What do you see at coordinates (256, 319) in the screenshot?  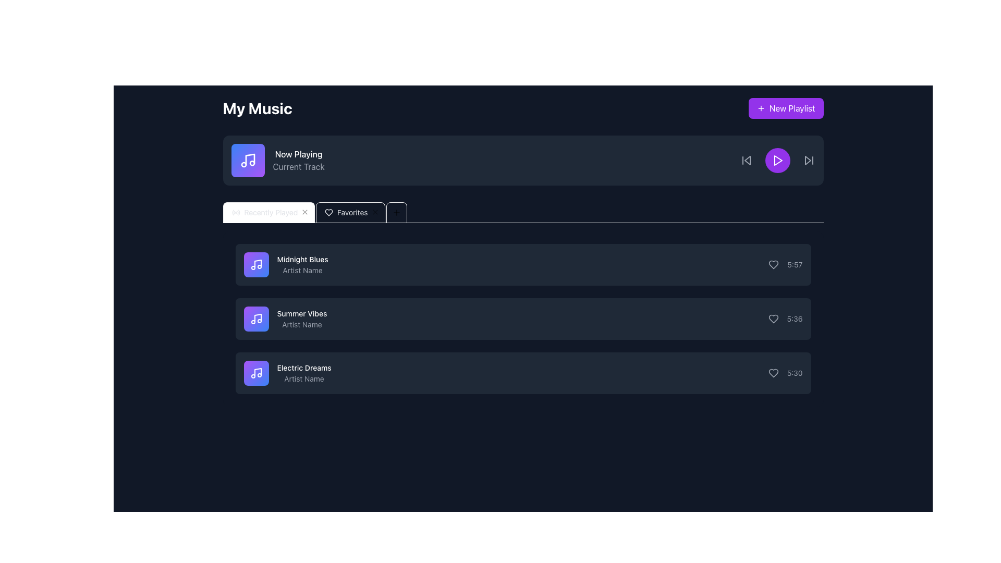 I see `the square icon with a gradient background and a white music note in the center, located in the second row under the 'My Music' section` at bounding box center [256, 319].